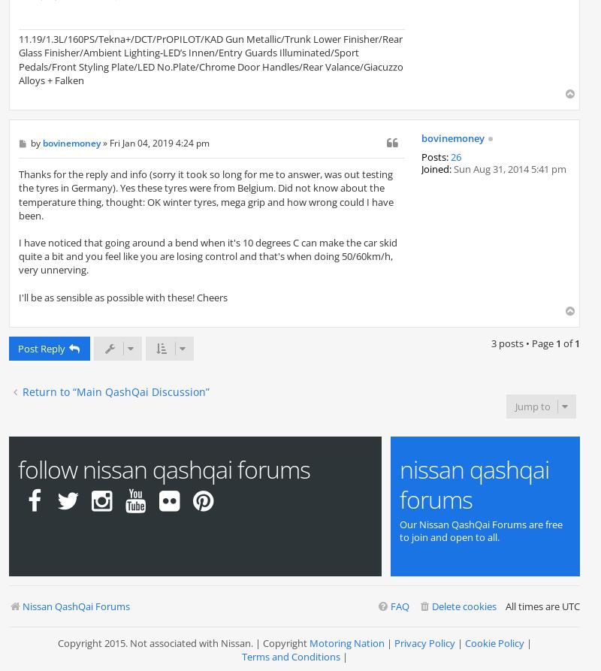 Image resolution: width=601 pixels, height=671 pixels. I want to click on 'Motoring Nation', so click(346, 641).